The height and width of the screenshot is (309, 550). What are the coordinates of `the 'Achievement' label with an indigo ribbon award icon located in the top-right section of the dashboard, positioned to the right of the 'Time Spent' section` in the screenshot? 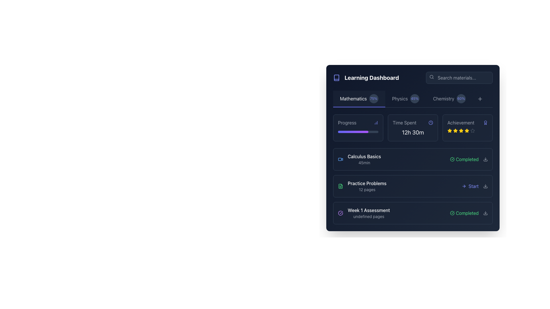 It's located at (467, 122).